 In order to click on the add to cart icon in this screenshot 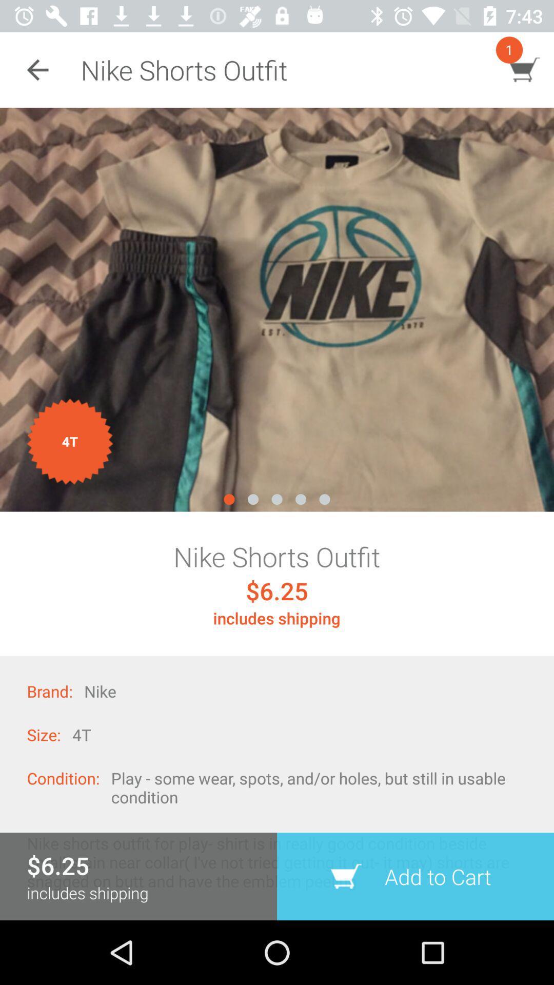, I will do `click(415, 876)`.